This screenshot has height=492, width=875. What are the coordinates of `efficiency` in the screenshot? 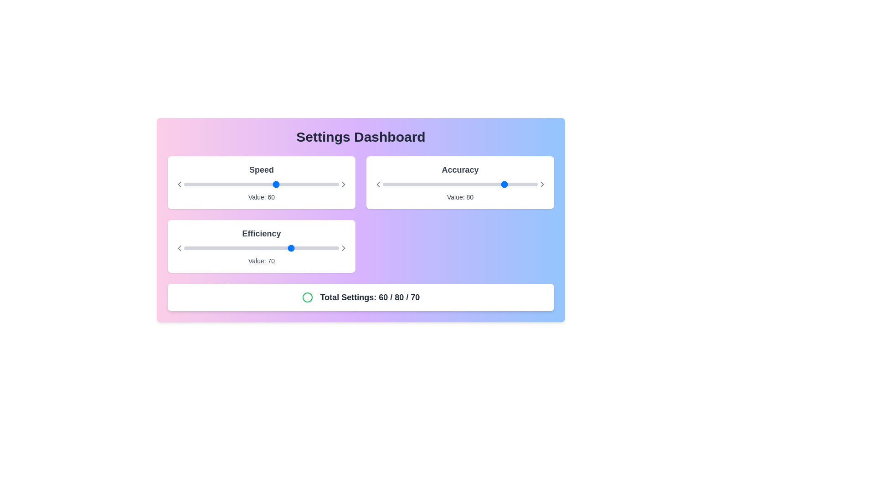 It's located at (297, 248).